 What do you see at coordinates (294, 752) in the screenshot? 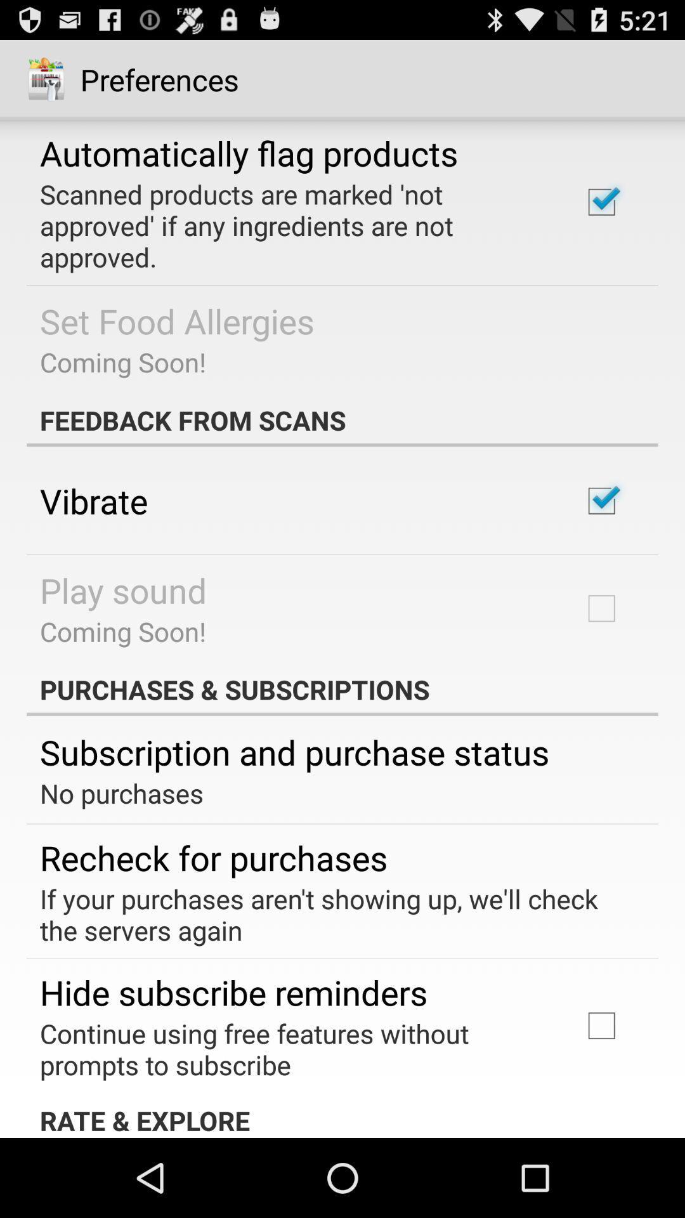
I see `item below the purchases & subscriptions` at bounding box center [294, 752].